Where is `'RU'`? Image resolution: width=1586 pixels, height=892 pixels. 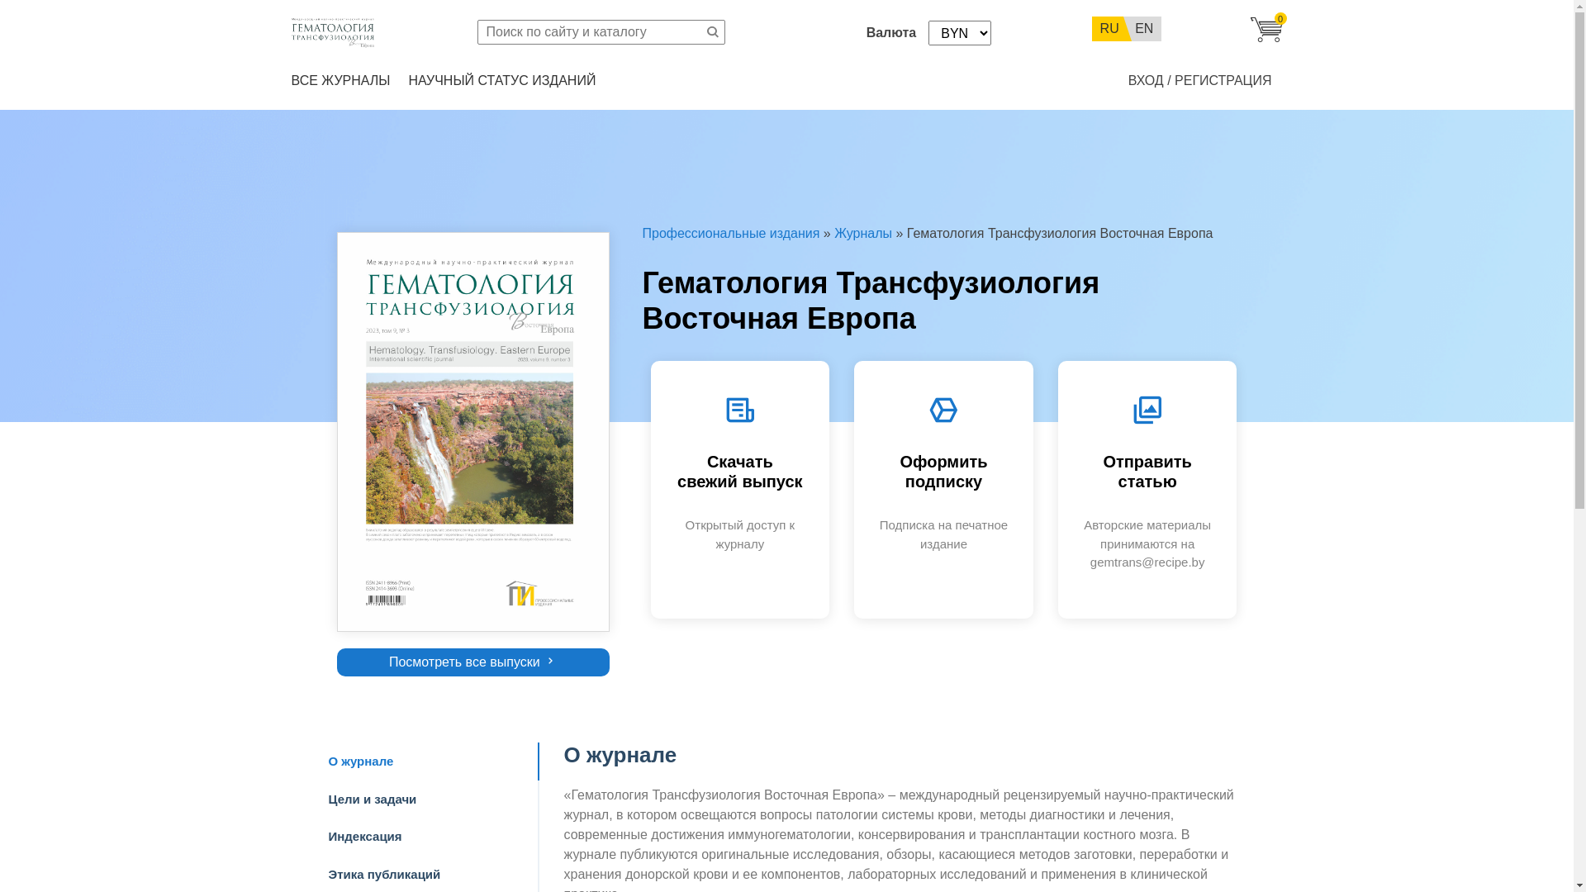 'RU' is located at coordinates (1107, 28).